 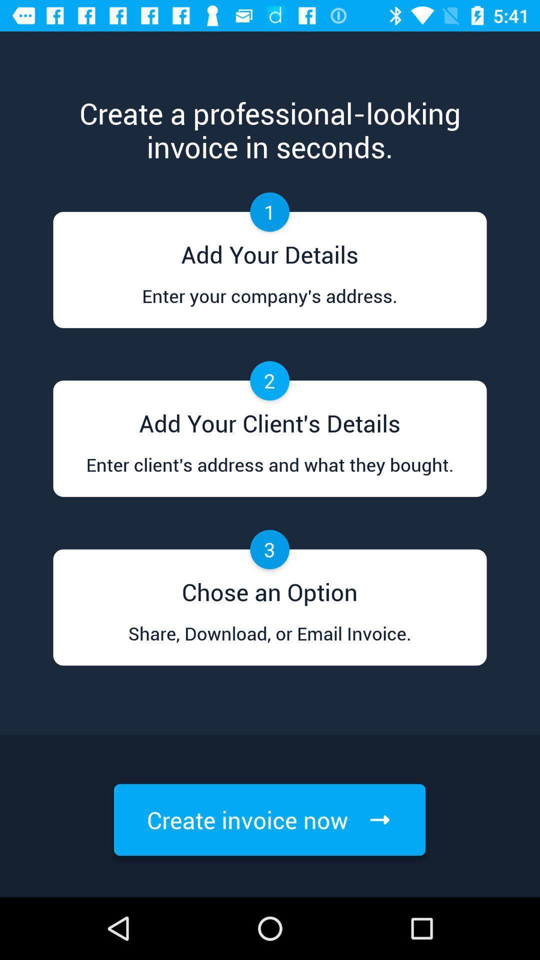 I want to click on chose an option, so click(x=270, y=588).